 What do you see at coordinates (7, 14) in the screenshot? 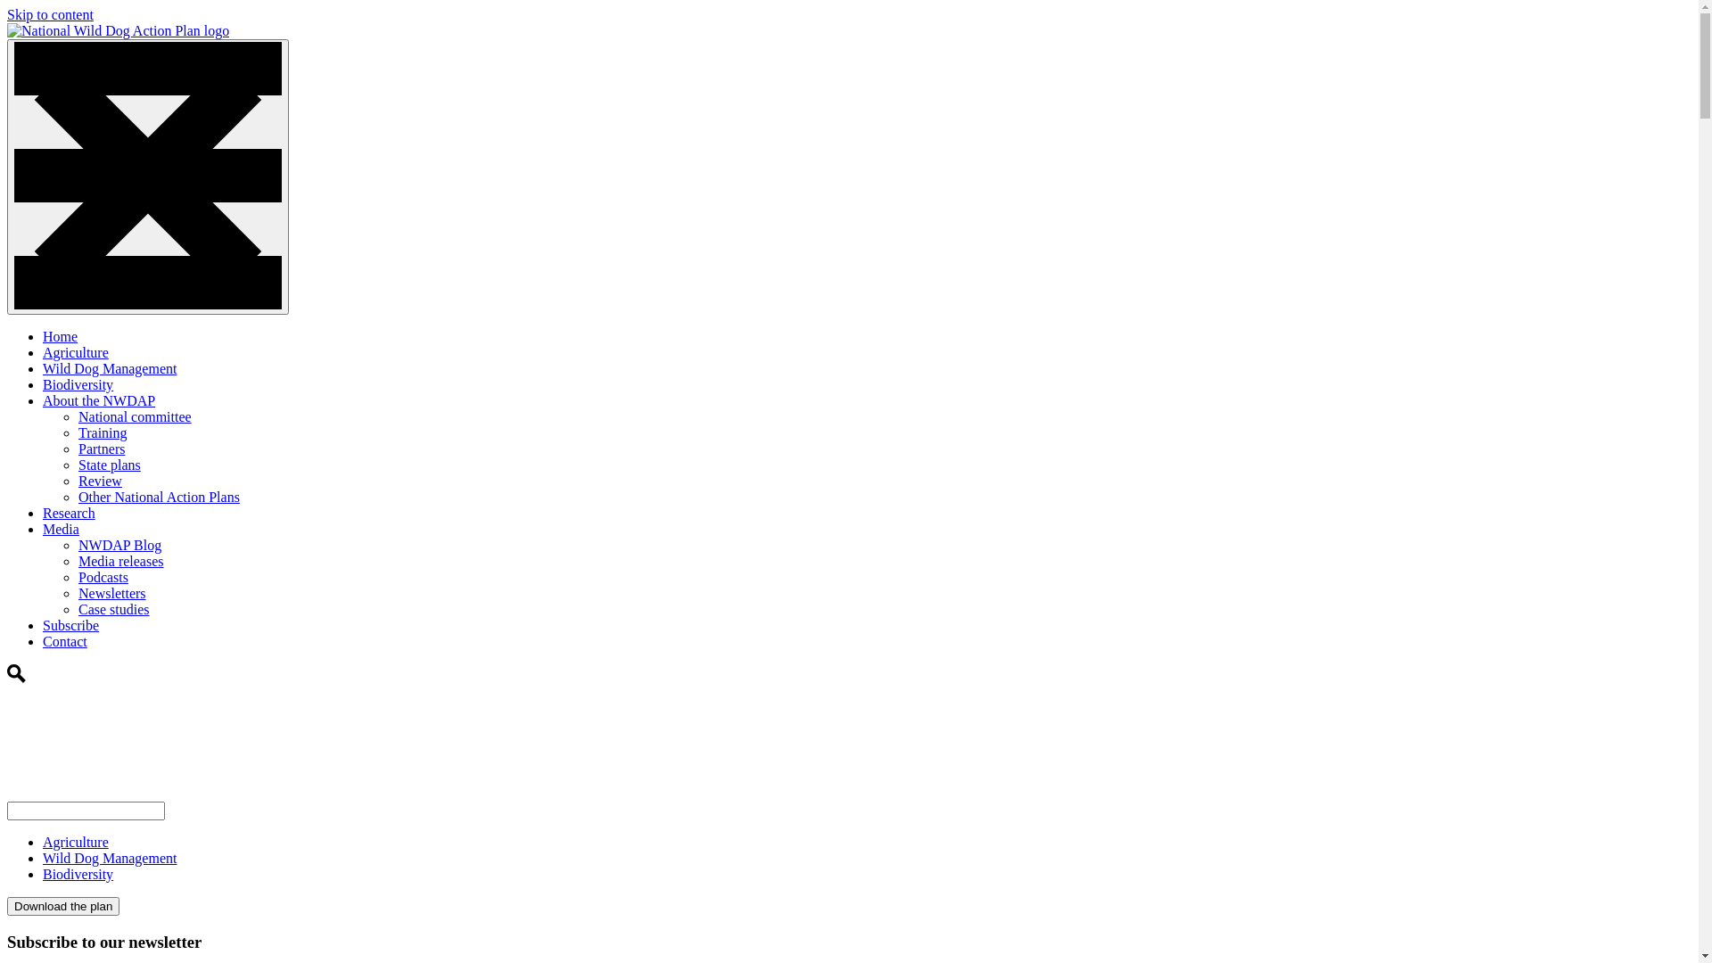
I see `'Skip to content'` at bounding box center [7, 14].